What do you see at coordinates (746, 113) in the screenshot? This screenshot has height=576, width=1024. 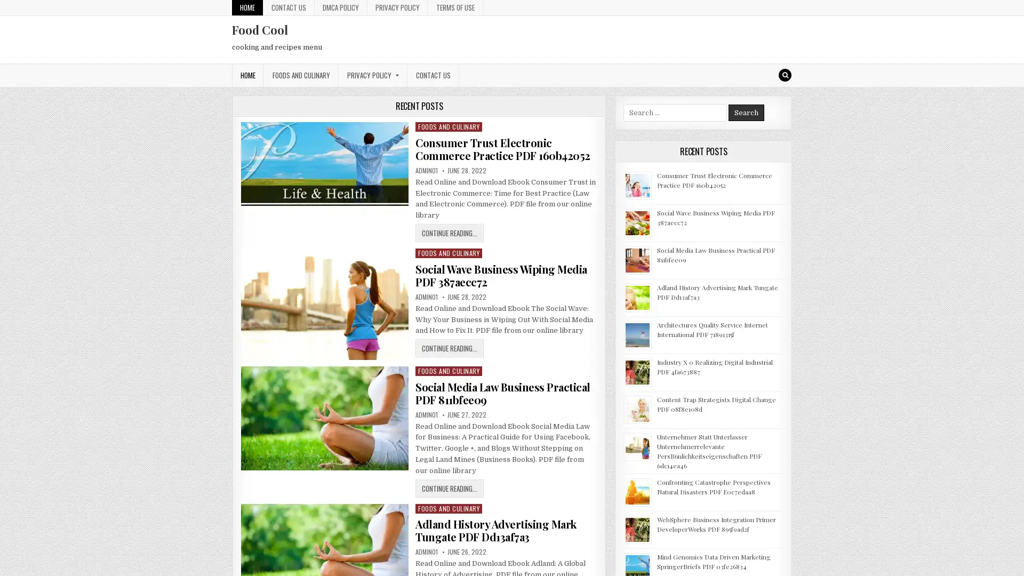 I see `Search` at bounding box center [746, 113].